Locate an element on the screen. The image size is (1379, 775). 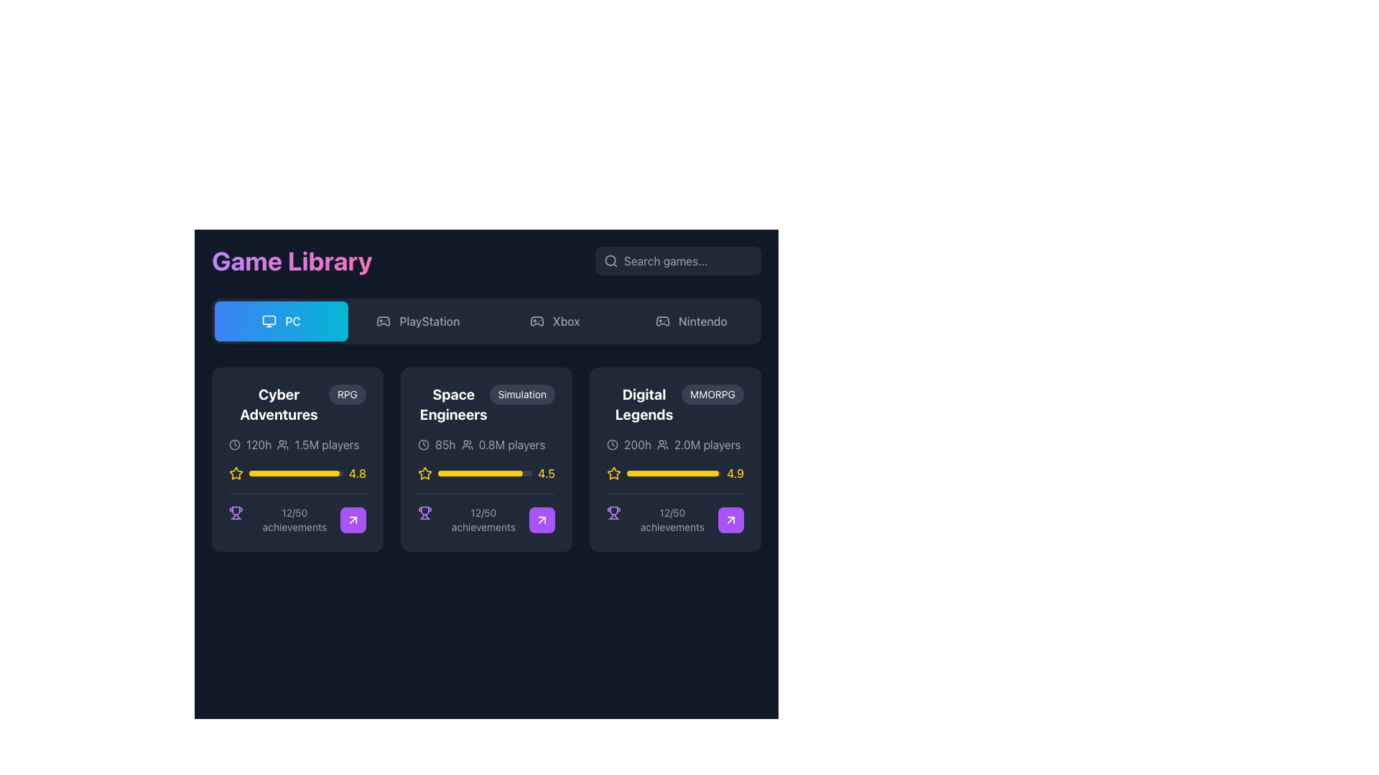
the 'Nintendo' icon in the navigation bar, which is an SVG-based element styled with CSS, located at the left of the 'Nintendo' label is located at coordinates (661, 320).